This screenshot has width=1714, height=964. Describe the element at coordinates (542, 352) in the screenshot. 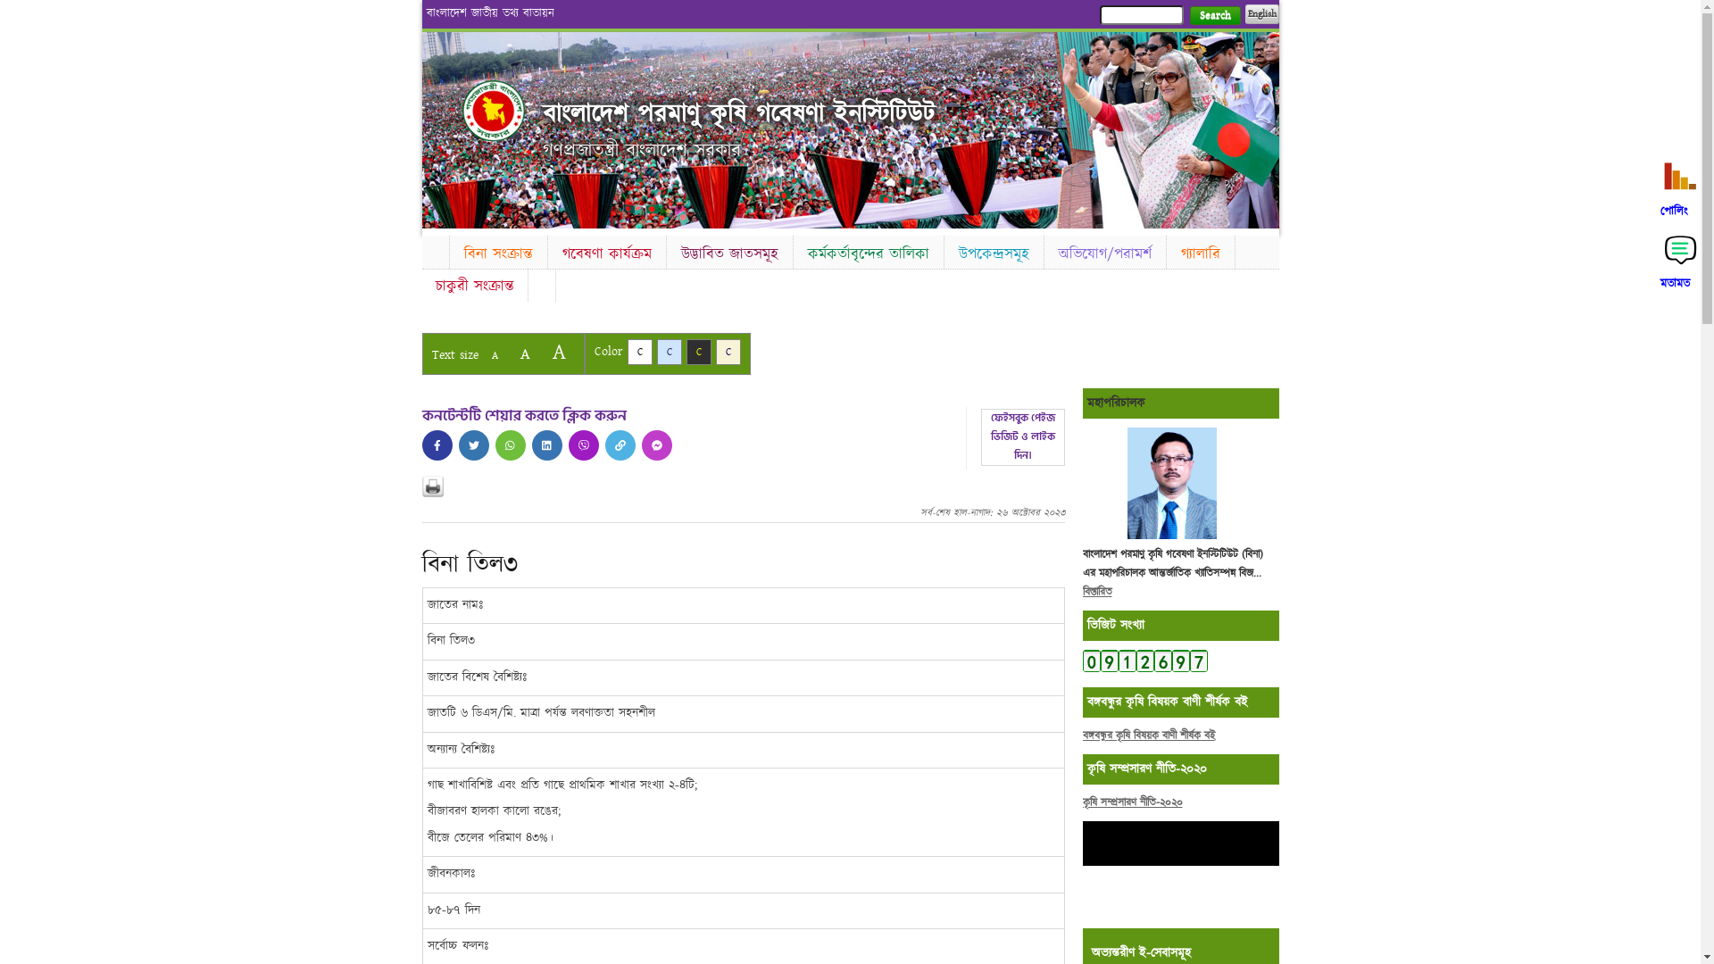

I see `'A'` at that location.